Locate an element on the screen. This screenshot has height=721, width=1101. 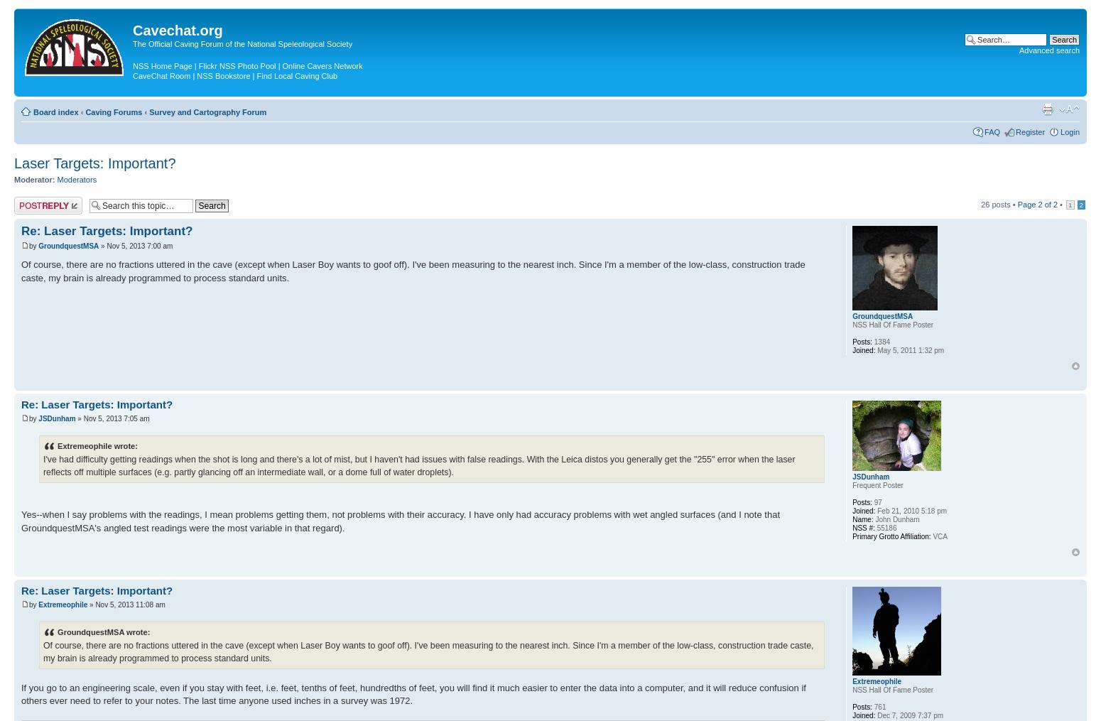
'Moderator:' is located at coordinates (33, 180).